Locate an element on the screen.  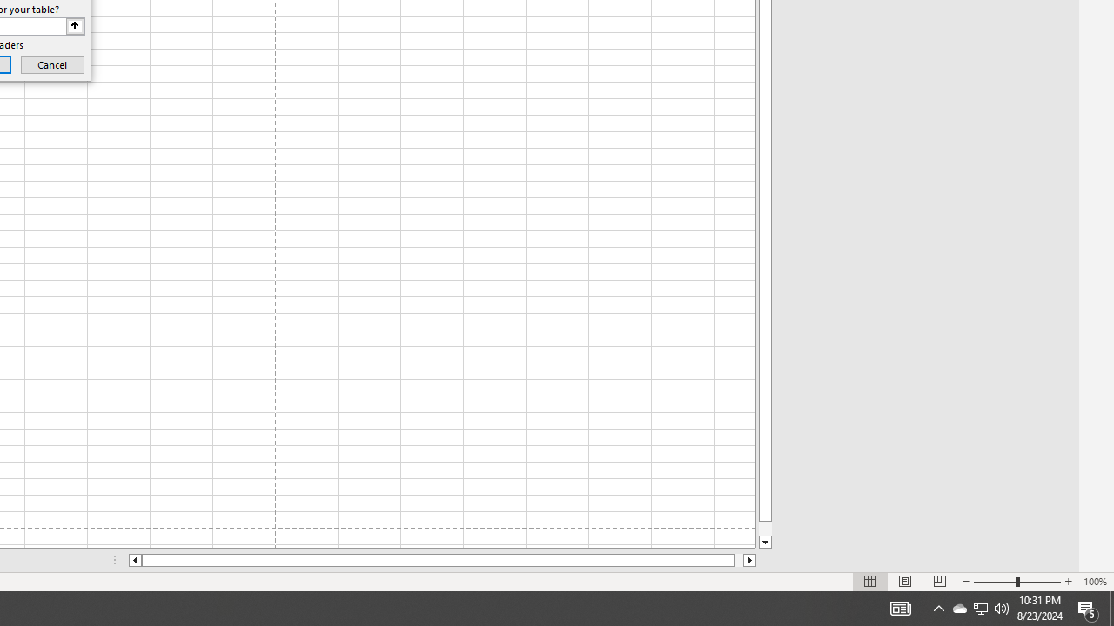
'Column right' is located at coordinates (750, 560).